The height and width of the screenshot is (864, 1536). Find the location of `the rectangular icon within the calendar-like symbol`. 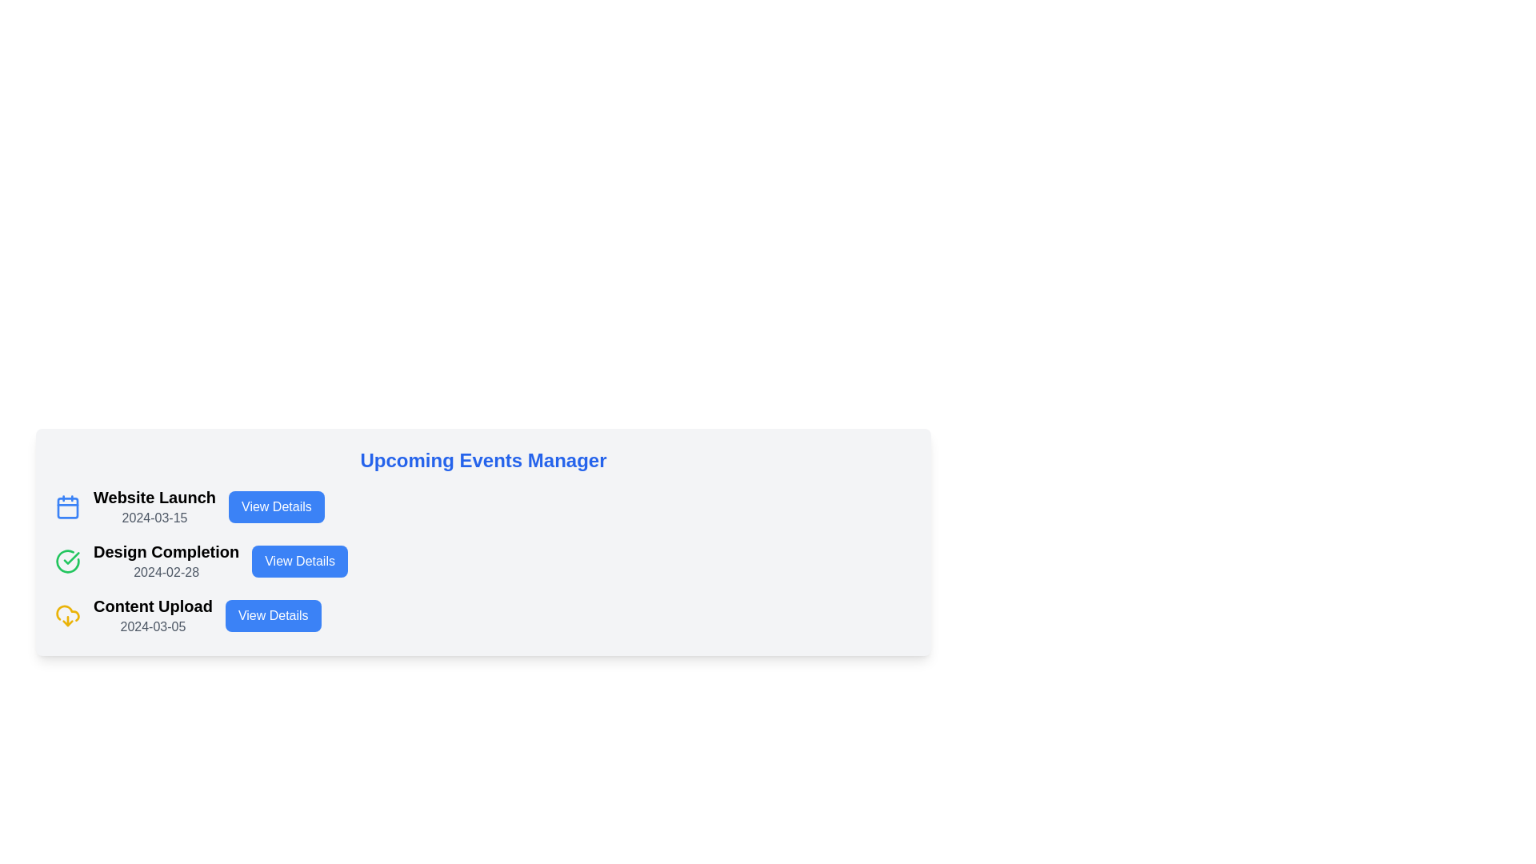

the rectangular icon within the calendar-like symbol is located at coordinates (67, 508).